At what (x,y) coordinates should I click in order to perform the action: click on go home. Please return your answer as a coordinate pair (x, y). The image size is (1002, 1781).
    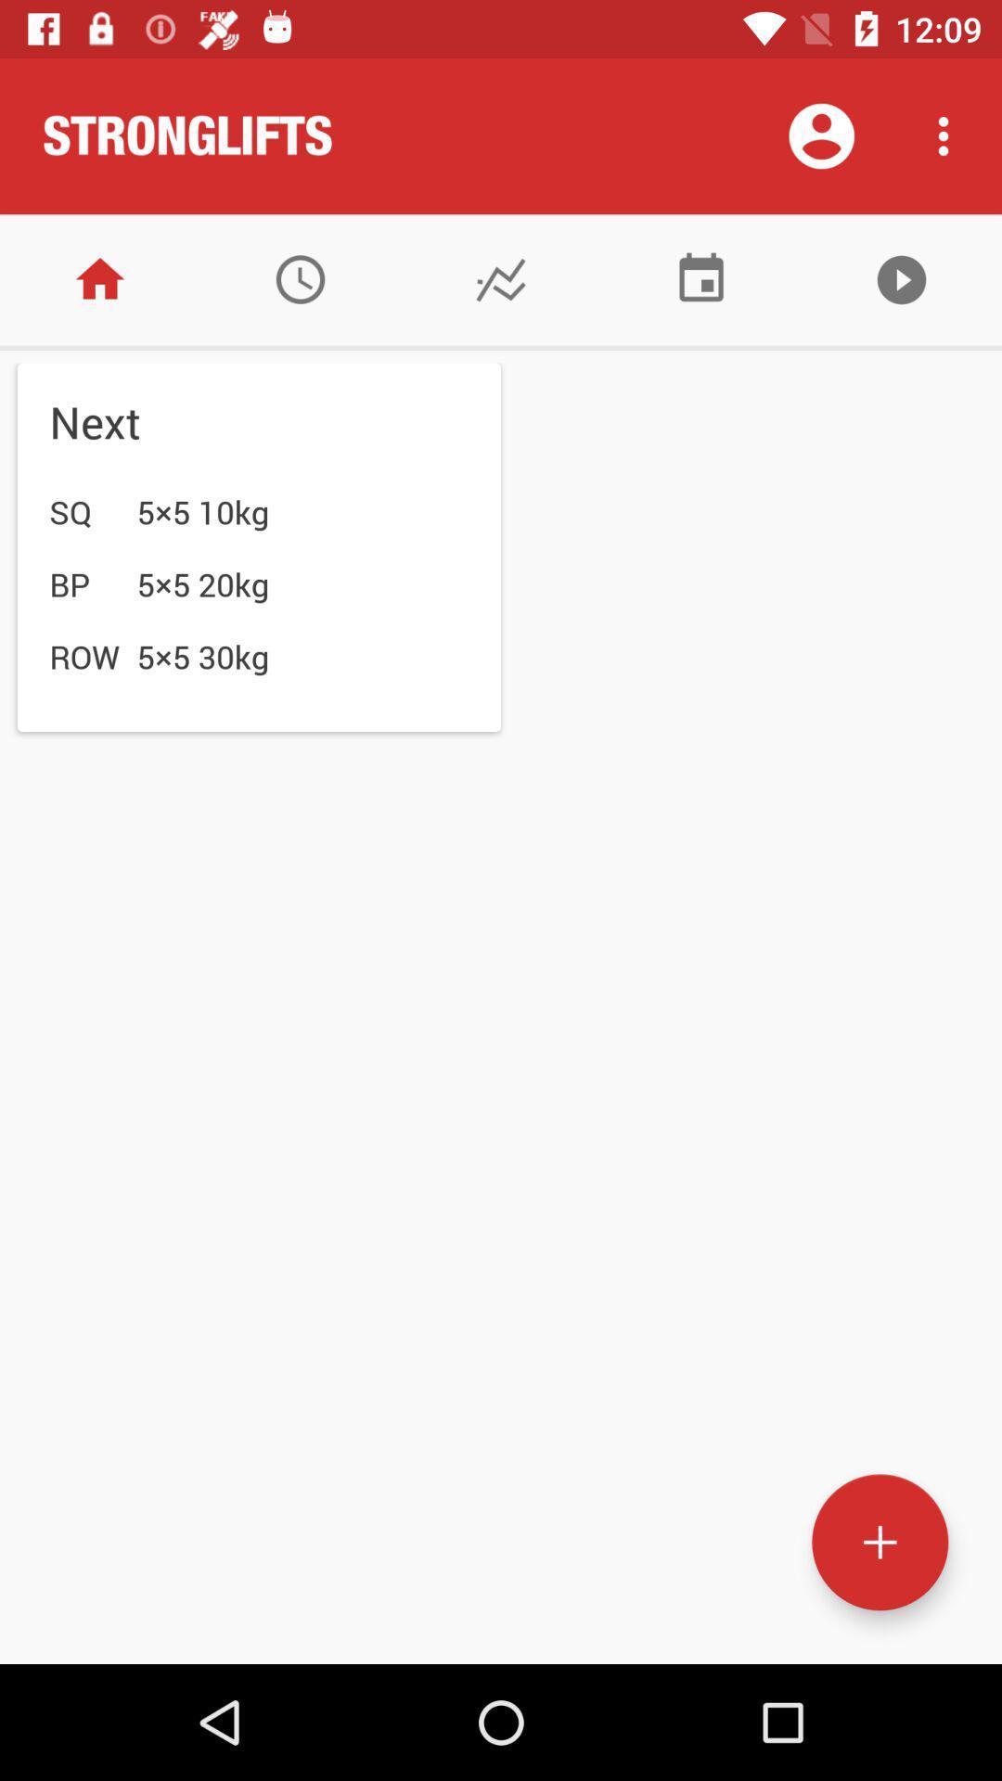
    Looking at the image, I should click on (100, 278).